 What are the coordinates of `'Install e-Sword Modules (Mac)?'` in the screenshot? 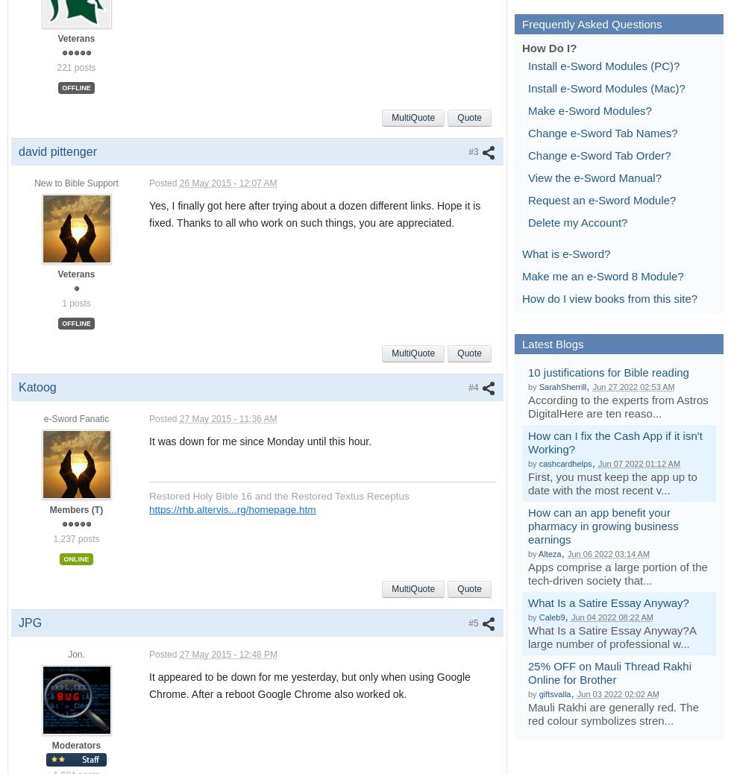 It's located at (606, 86).